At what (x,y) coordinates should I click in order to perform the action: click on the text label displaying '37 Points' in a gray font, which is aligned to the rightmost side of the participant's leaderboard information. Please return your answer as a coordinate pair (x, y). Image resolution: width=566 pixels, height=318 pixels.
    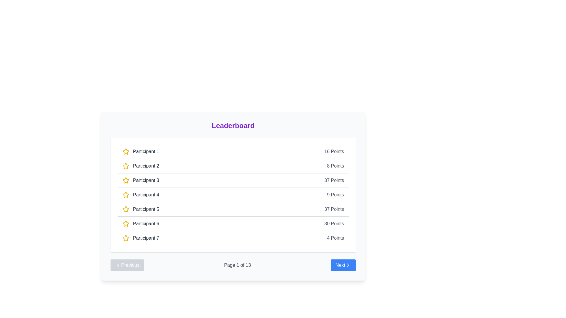
    Looking at the image, I should click on (334, 209).